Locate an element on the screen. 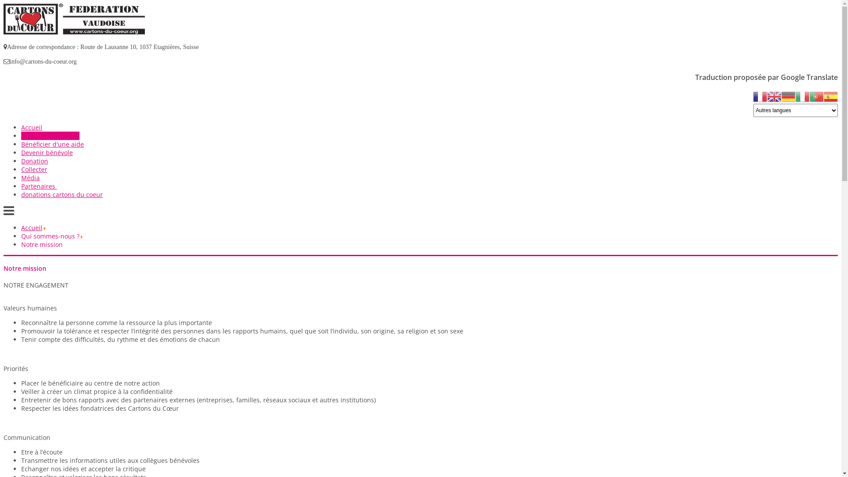  'French' is located at coordinates (760, 96).